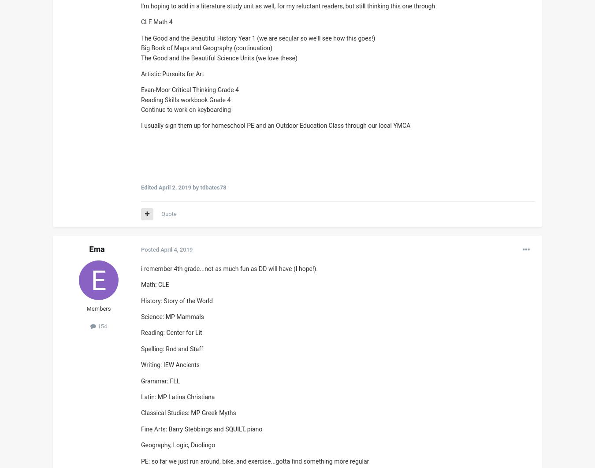  What do you see at coordinates (201, 428) in the screenshot?
I see `'Fine Arts: Barry Stebbings and SQUILT, piano'` at bounding box center [201, 428].